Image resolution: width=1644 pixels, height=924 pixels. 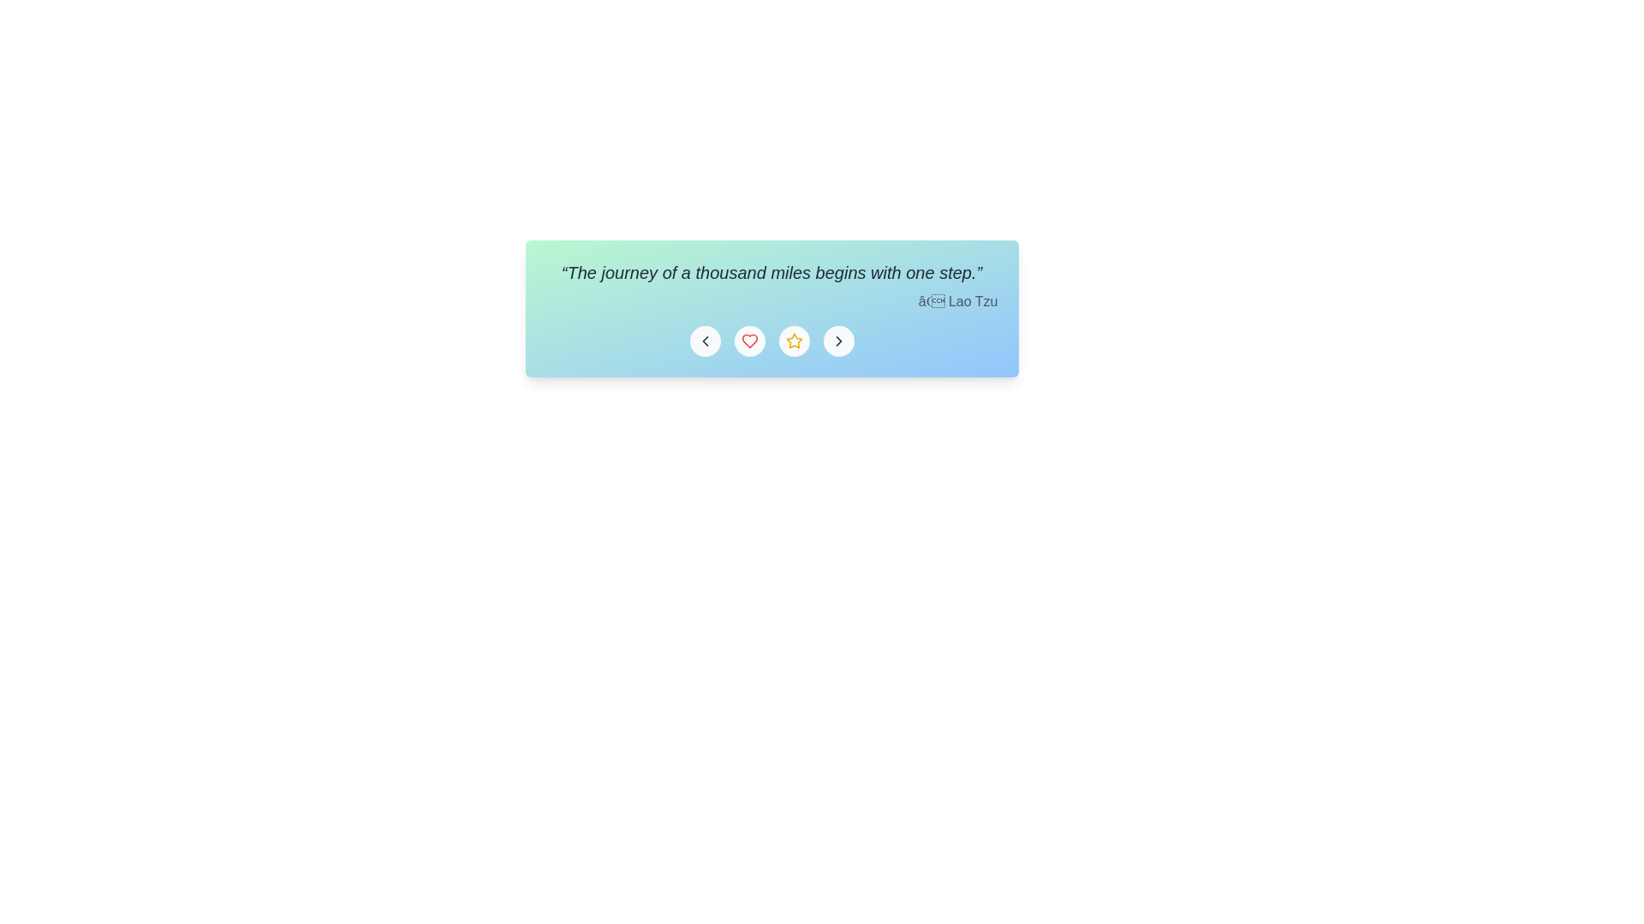 I want to click on the third button in a horizontal row of buttons, so click(x=793, y=341).